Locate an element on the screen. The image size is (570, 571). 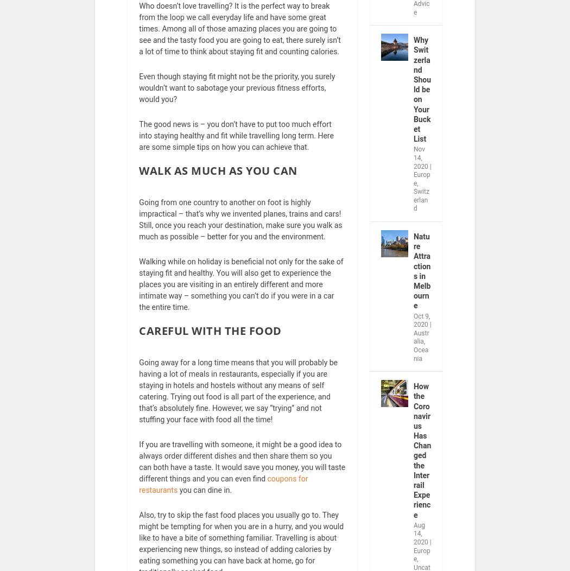
'The good news is – you don’t have to put too much effort into staying healthy and fit while travelling long term. Here are some simple tips on how you can achieve that.' is located at coordinates (236, 143).